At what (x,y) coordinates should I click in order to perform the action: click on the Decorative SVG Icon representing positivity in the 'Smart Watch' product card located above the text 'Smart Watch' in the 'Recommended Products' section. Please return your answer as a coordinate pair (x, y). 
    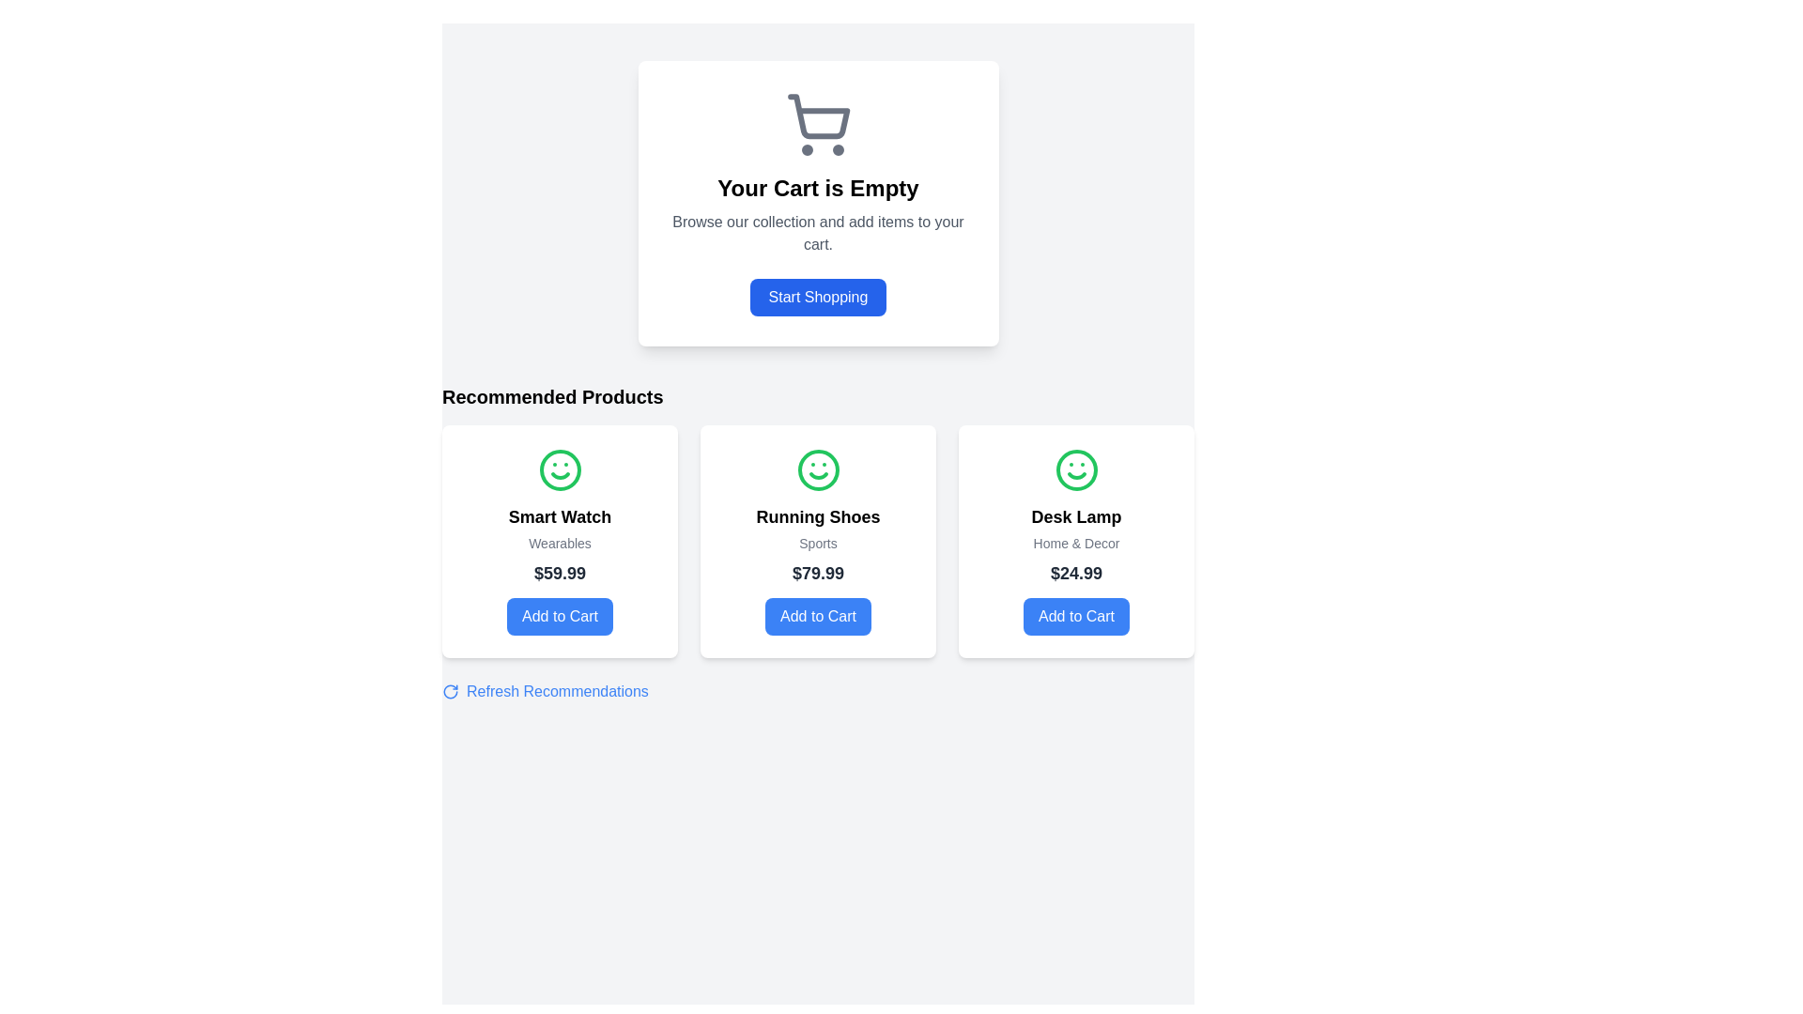
    Looking at the image, I should click on (559, 469).